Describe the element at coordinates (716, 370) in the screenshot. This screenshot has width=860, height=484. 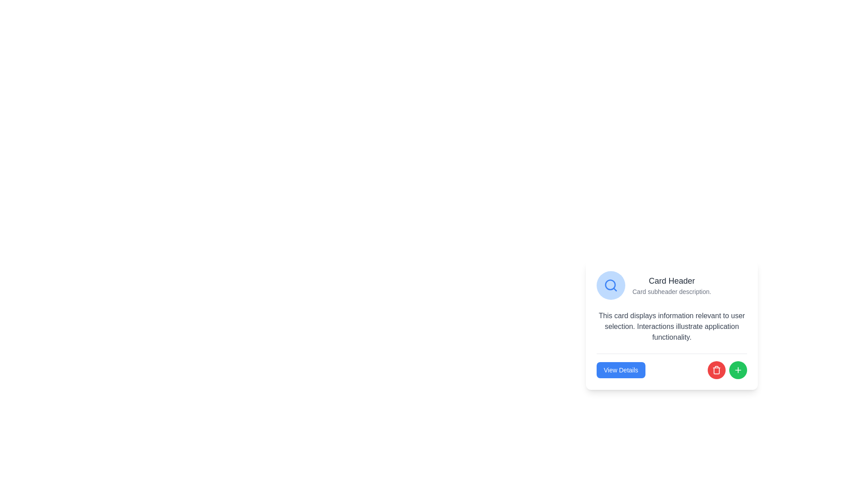
I see `the delete icon located inside the button at the bottom right corner of the card titled 'Card Header', which is near the 'View Details' button and a green circular button with a plus icon` at that location.